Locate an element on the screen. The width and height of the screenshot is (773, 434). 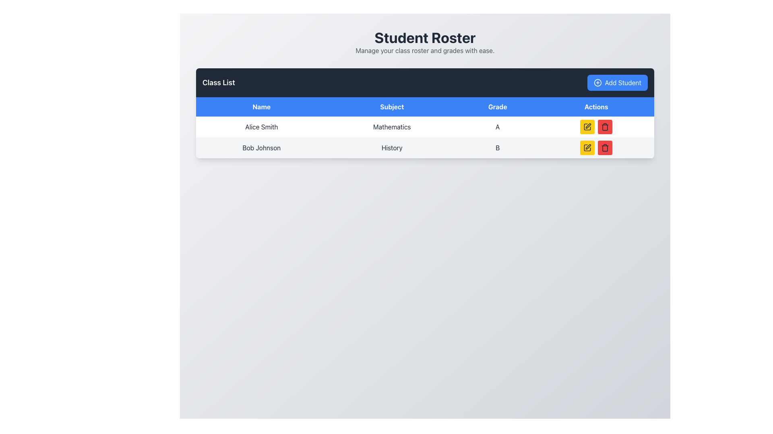
the red trash can icon in the 'Actions' column of the second row is located at coordinates (605, 127).